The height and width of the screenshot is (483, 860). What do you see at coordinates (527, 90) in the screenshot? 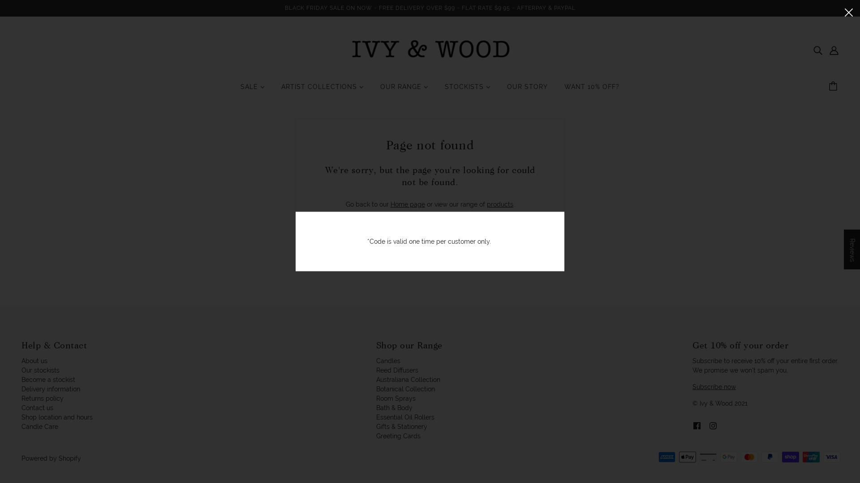
I see `'OUR STORY'` at bounding box center [527, 90].